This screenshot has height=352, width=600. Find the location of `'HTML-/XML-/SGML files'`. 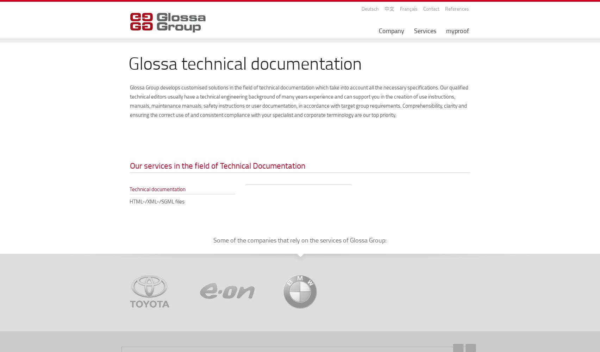

'HTML-/XML-/SGML files' is located at coordinates (157, 201).